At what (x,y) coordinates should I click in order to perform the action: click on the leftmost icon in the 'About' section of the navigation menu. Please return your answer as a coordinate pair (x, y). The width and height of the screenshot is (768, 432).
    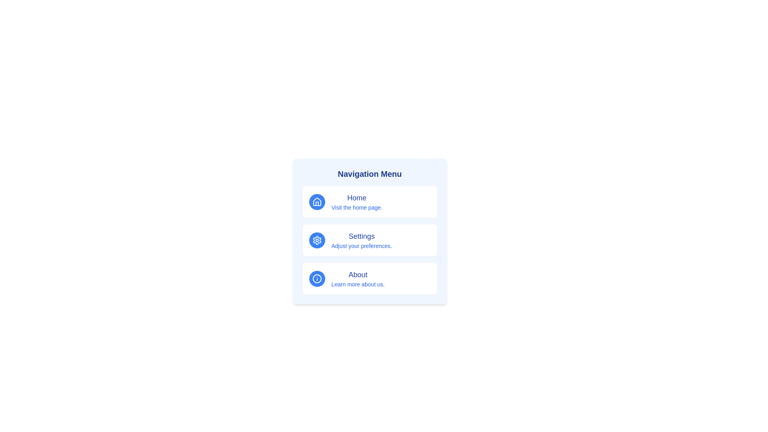
    Looking at the image, I should click on (316, 278).